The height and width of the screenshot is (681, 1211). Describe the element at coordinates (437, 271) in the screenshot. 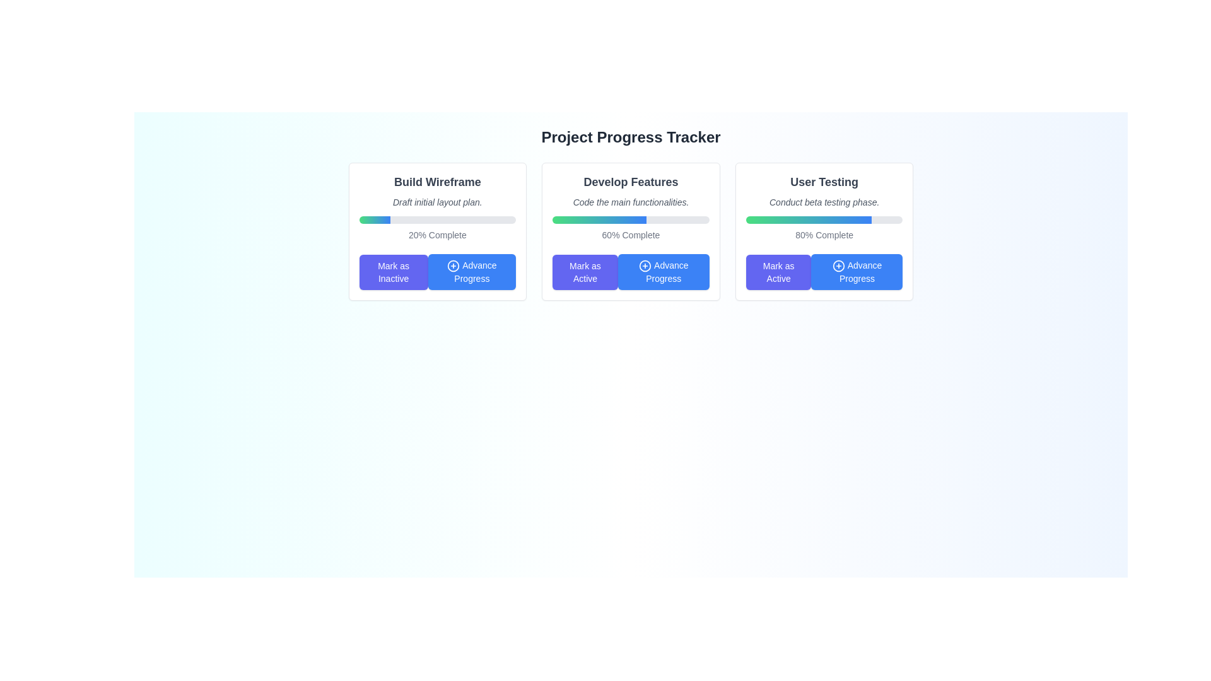

I see `the button group for task management located at the bottom of the 'Build Wireframe' card, just below the progress bar indicating '20% Complete'` at that location.